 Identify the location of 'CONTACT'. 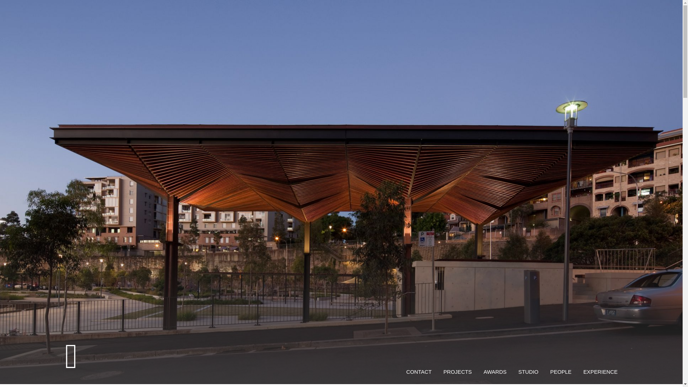
(419, 371).